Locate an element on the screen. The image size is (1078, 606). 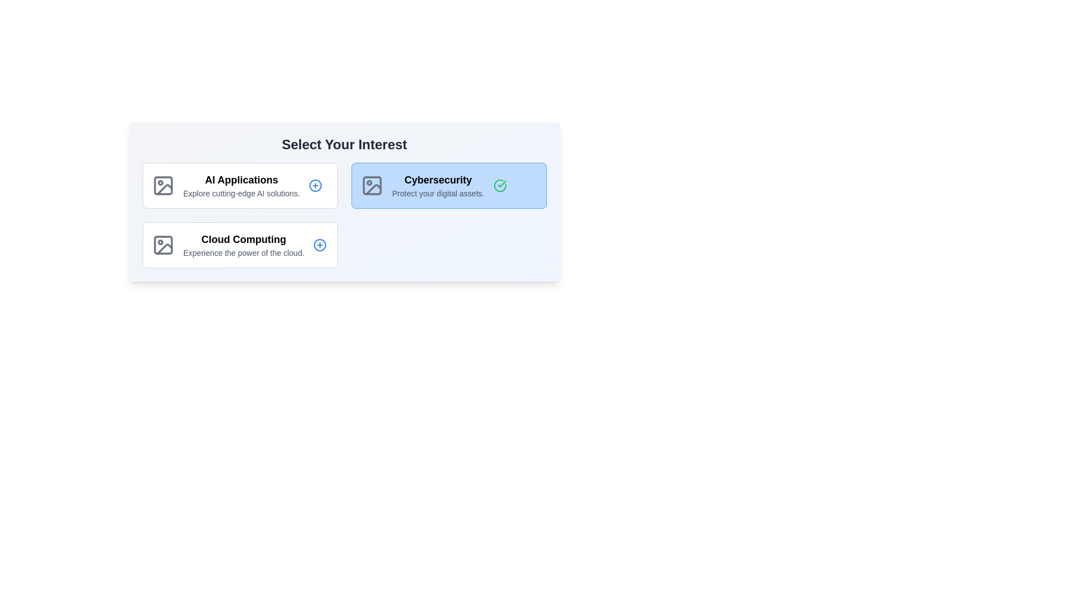
the card titled AI Applications is located at coordinates (239, 185).